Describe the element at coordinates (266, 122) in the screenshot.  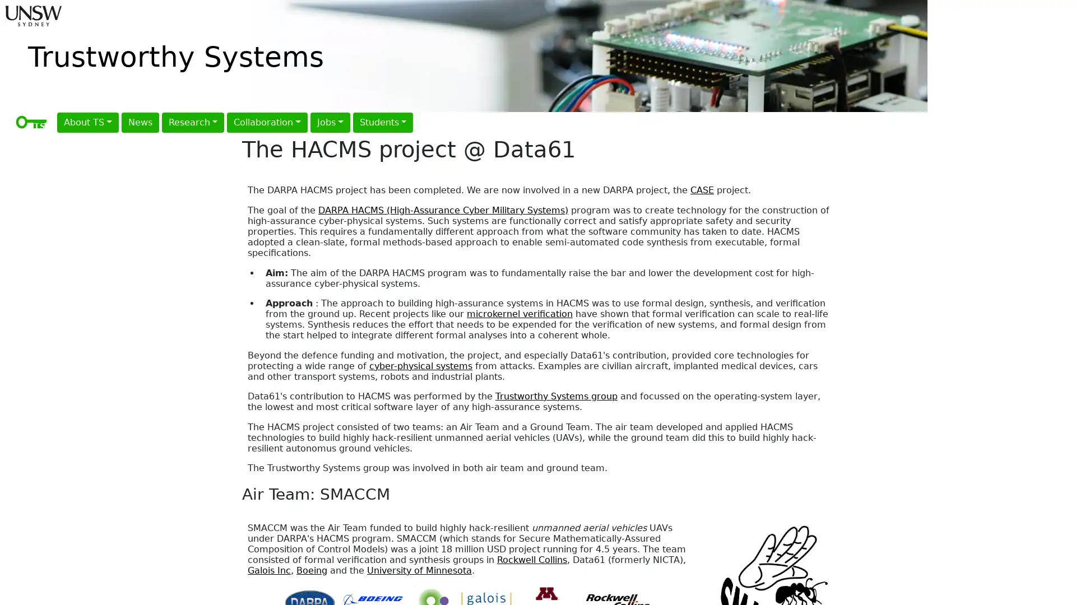
I see `Collaboration` at that location.